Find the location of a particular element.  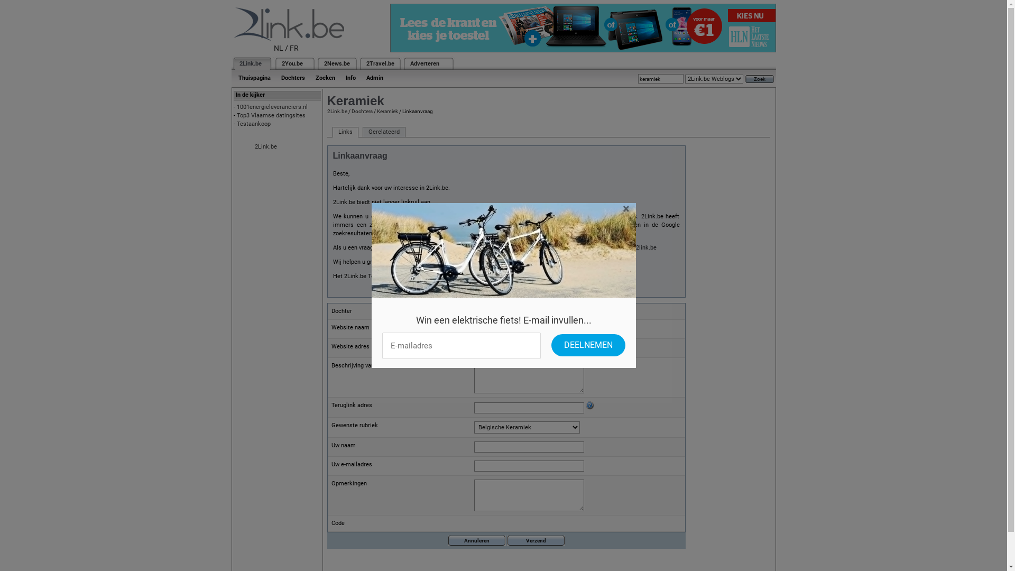

'Adverteren' is located at coordinates (425, 63).